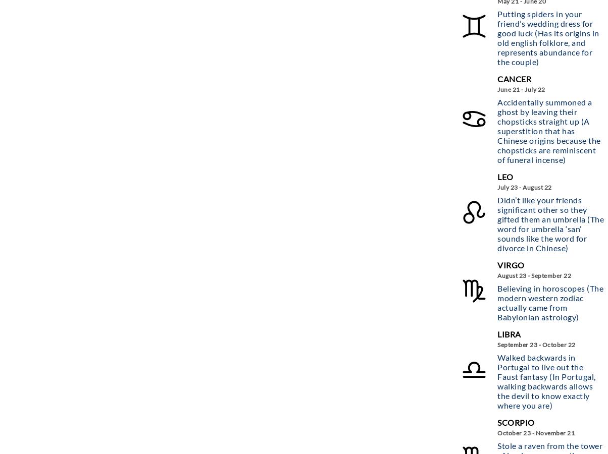 This screenshot has width=608, height=454. What do you see at coordinates (524, 187) in the screenshot?
I see `'July 23 - August 22'` at bounding box center [524, 187].